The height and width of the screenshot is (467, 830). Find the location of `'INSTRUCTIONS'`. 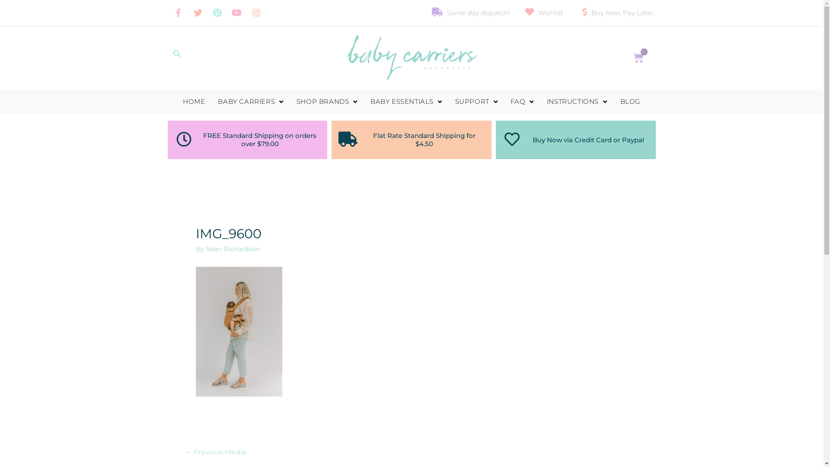

'INSTRUCTIONS' is located at coordinates (577, 101).